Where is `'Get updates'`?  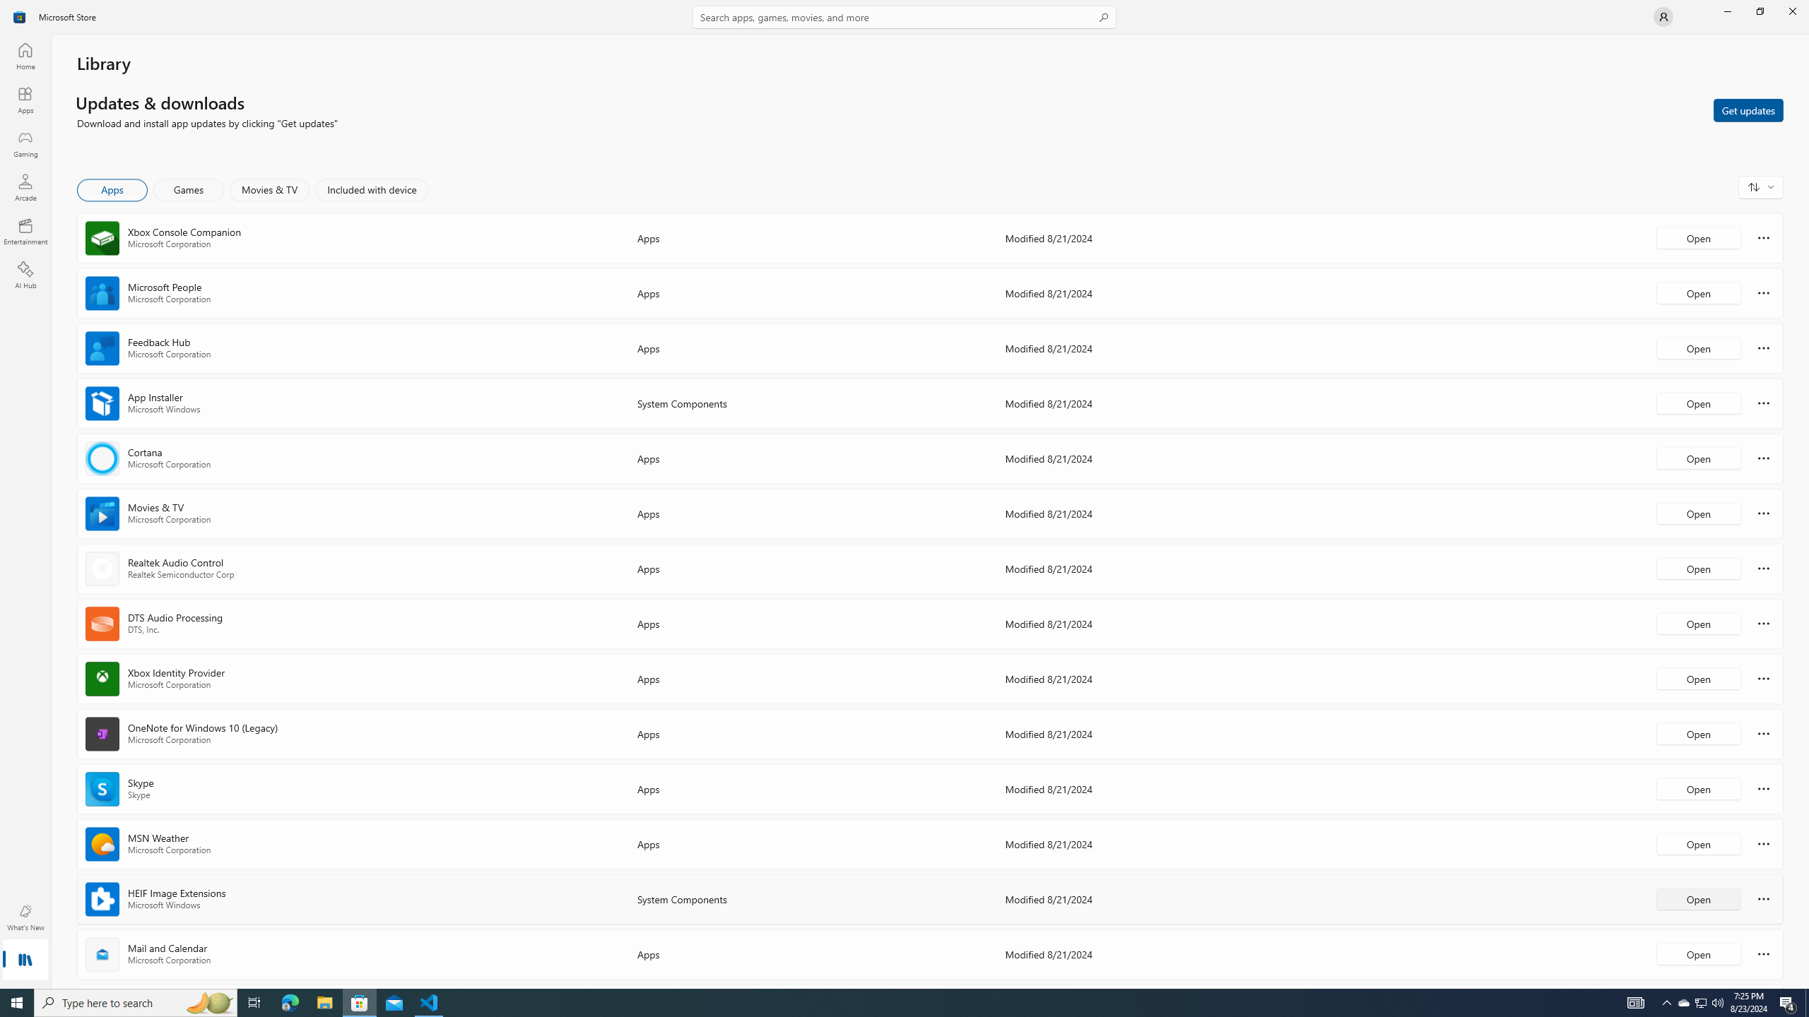
'Get updates' is located at coordinates (1748, 109).